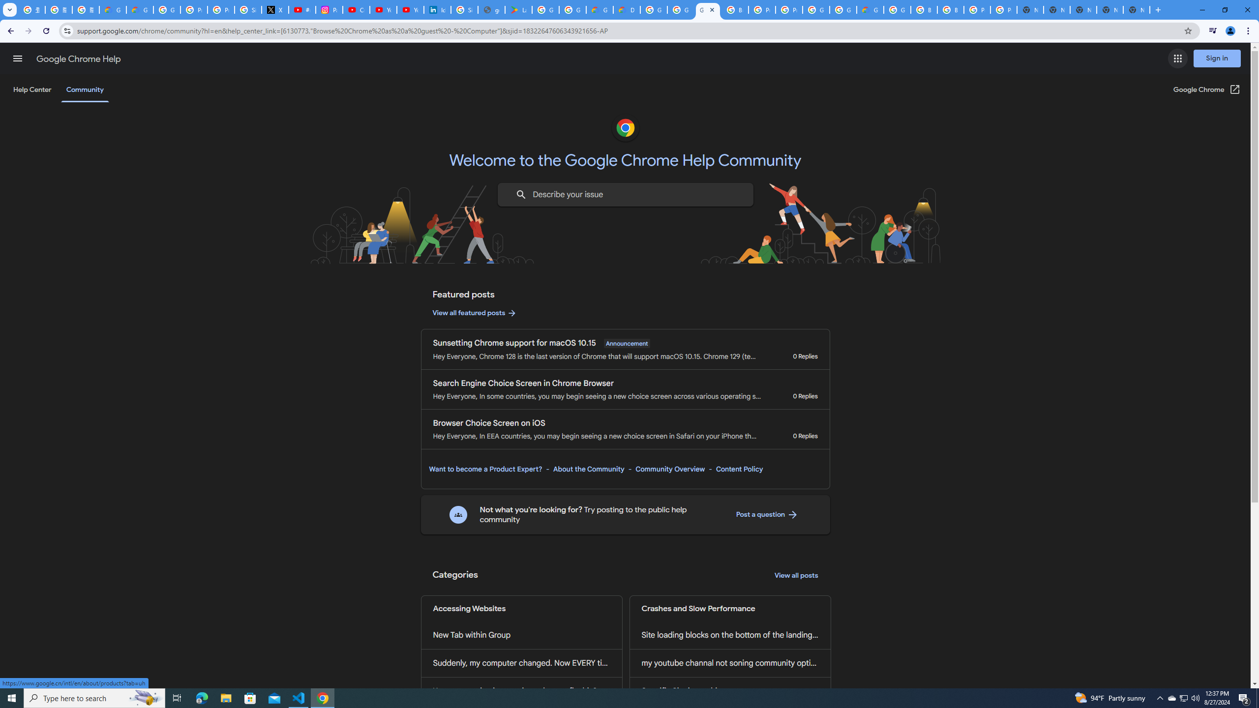  Describe the element at coordinates (924, 9) in the screenshot. I see `'Browse Chrome as a guest - Computer - Google Chrome Help'` at that location.